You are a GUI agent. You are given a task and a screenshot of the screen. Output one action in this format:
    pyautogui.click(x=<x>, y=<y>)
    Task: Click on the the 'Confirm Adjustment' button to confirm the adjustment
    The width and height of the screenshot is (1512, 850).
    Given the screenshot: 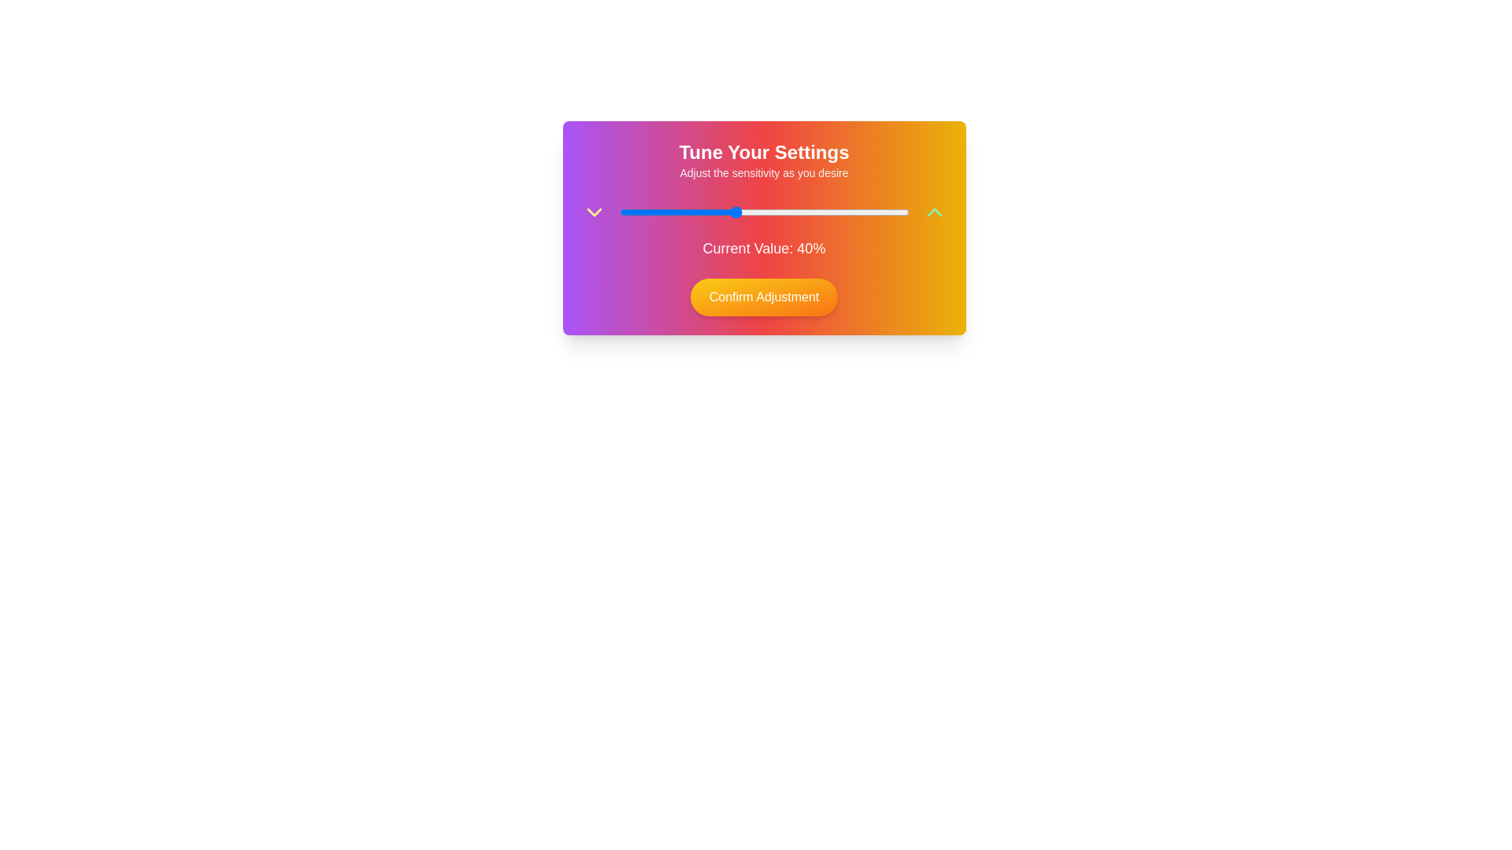 What is the action you would take?
    pyautogui.click(x=763, y=297)
    